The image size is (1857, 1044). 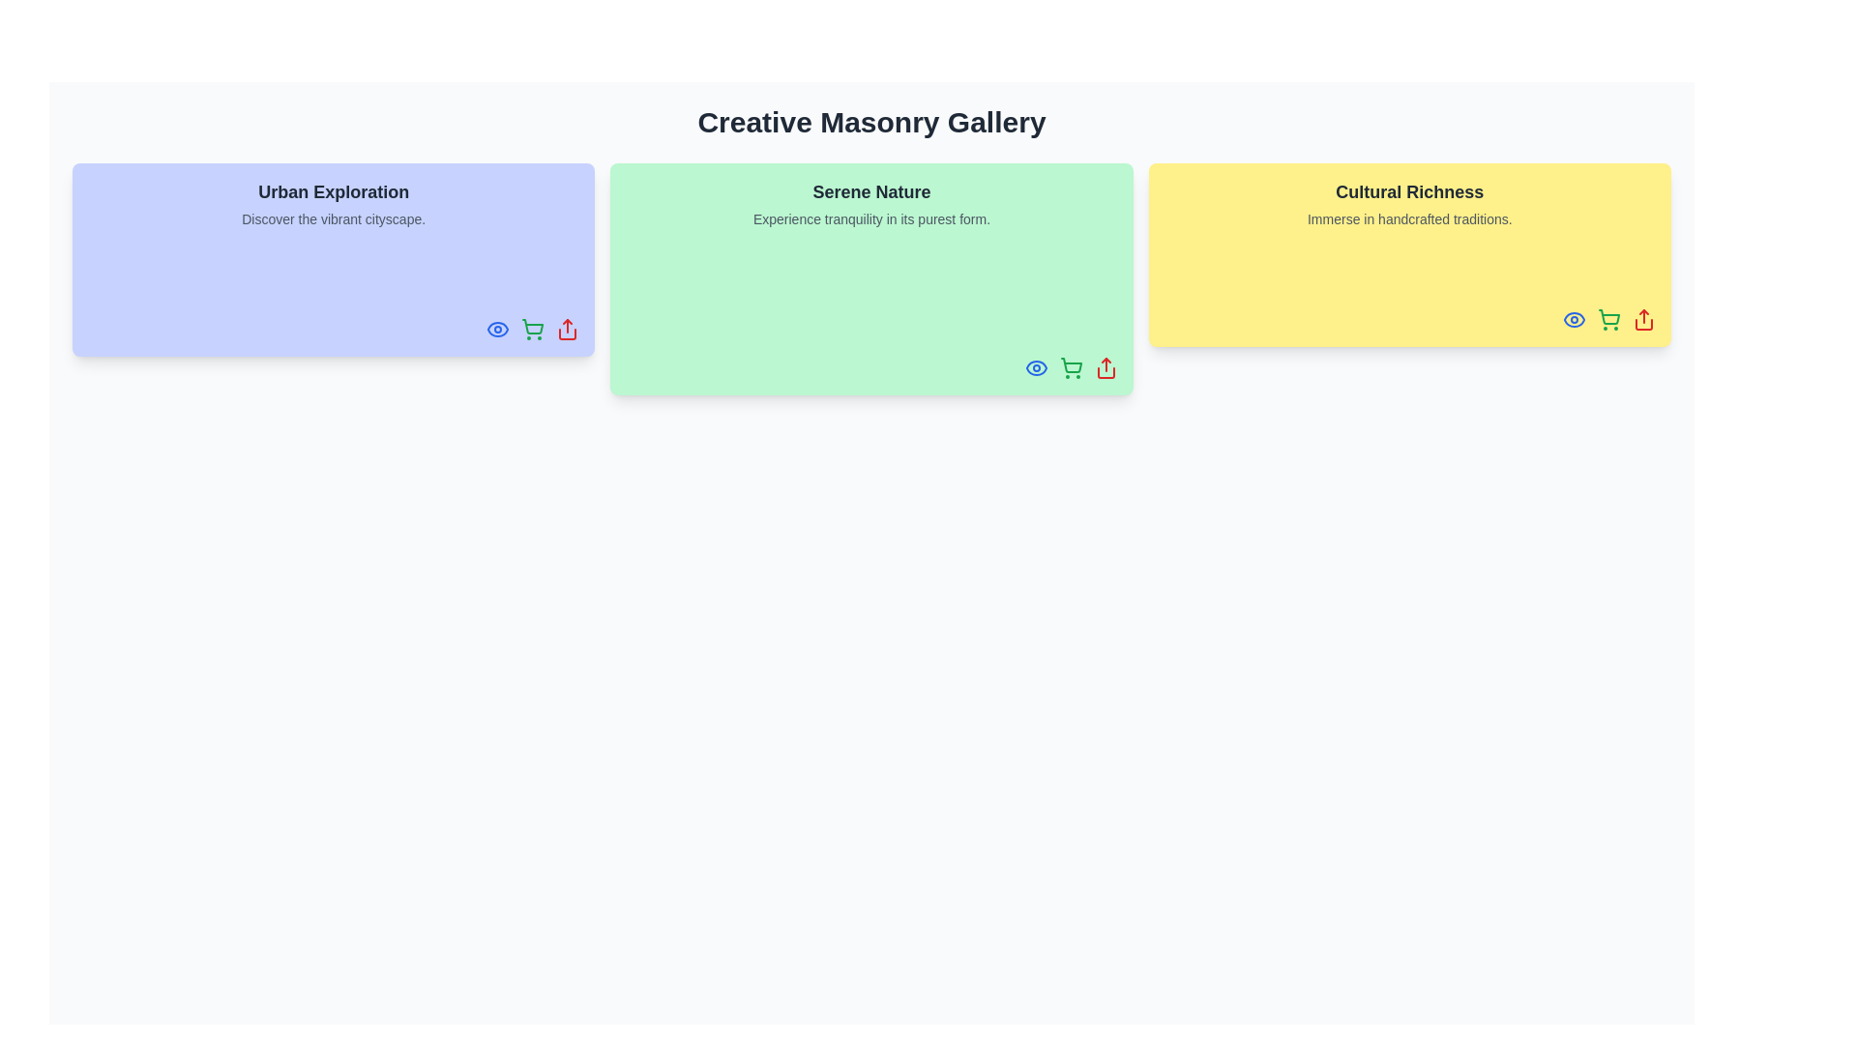 What do you see at coordinates (497, 328) in the screenshot?
I see `the view icon button located in the bottom-right corner of the leftmost blue card titled 'Urban Exploration'` at bounding box center [497, 328].